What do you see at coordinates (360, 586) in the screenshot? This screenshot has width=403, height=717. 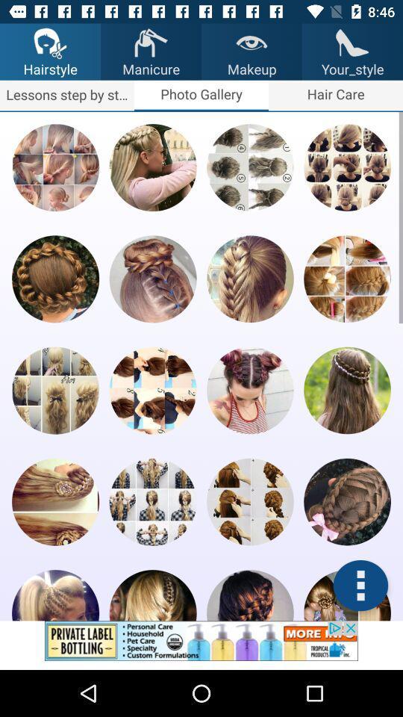 I see `photo editing app` at bounding box center [360, 586].